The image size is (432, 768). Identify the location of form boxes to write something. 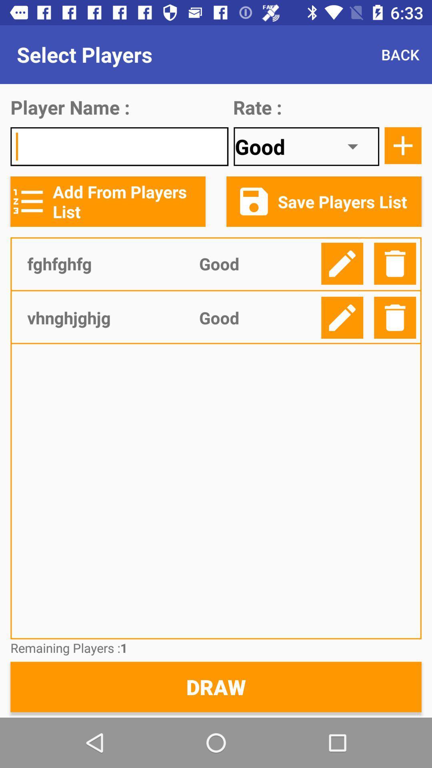
(119, 146).